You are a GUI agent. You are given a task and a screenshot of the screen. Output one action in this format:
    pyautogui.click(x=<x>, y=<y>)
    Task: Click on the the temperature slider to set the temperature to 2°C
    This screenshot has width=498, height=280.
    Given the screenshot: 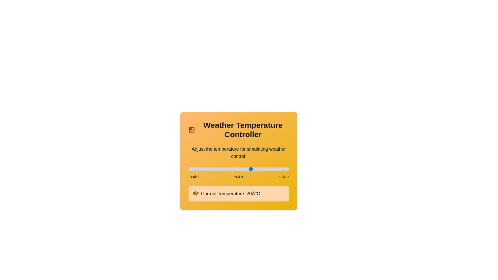 What is the action you would take?
    pyautogui.click(x=228, y=169)
    